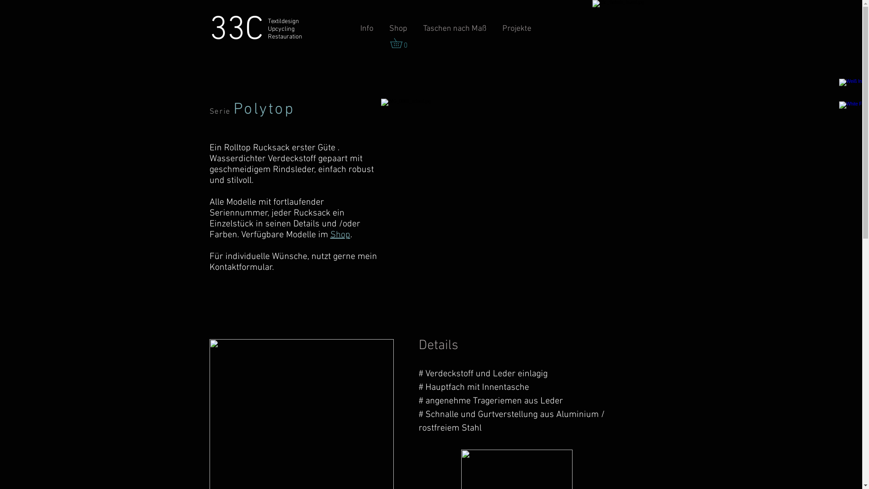  Describe the element at coordinates (367, 29) in the screenshot. I see `'Info'` at that location.